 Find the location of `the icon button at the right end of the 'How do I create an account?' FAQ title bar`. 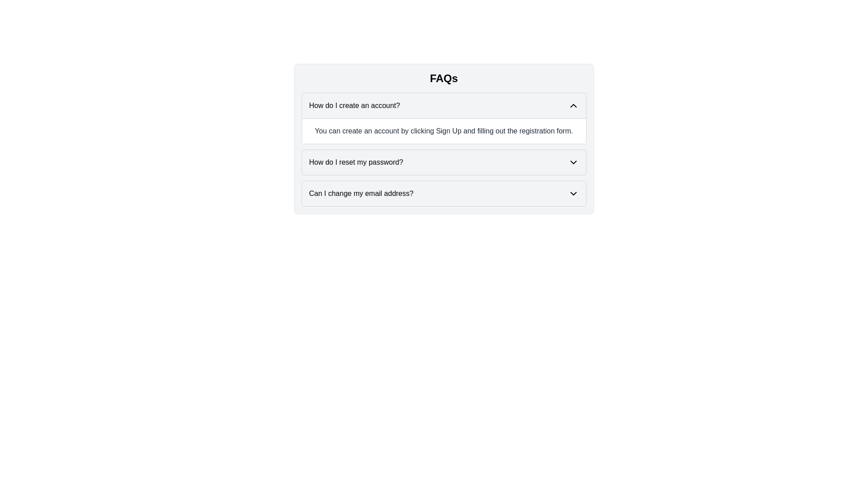

the icon button at the right end of the 'How do I create an account?' FAQ title bar is located at coordinates (573, 105).